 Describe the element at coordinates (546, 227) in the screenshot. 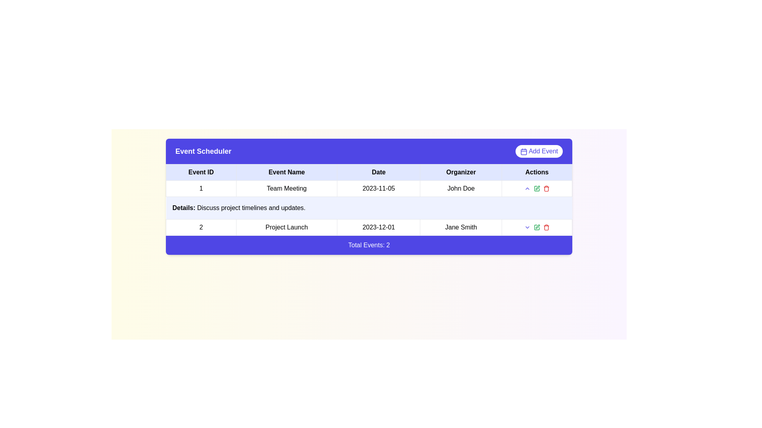

I see `the trash bin icon located in the 'Actions' column of the 'Project Launch' event row` at that location.